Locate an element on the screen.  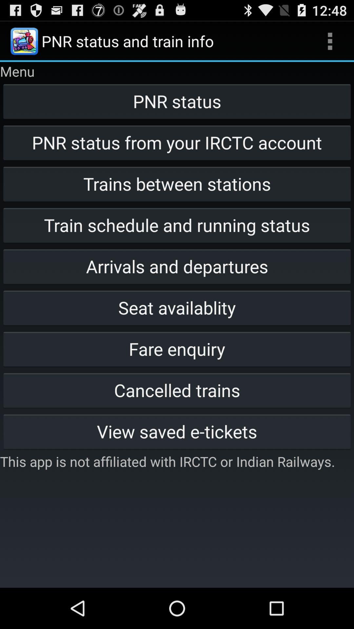
button above the seat availablity item is located at coordinates (177, 266).